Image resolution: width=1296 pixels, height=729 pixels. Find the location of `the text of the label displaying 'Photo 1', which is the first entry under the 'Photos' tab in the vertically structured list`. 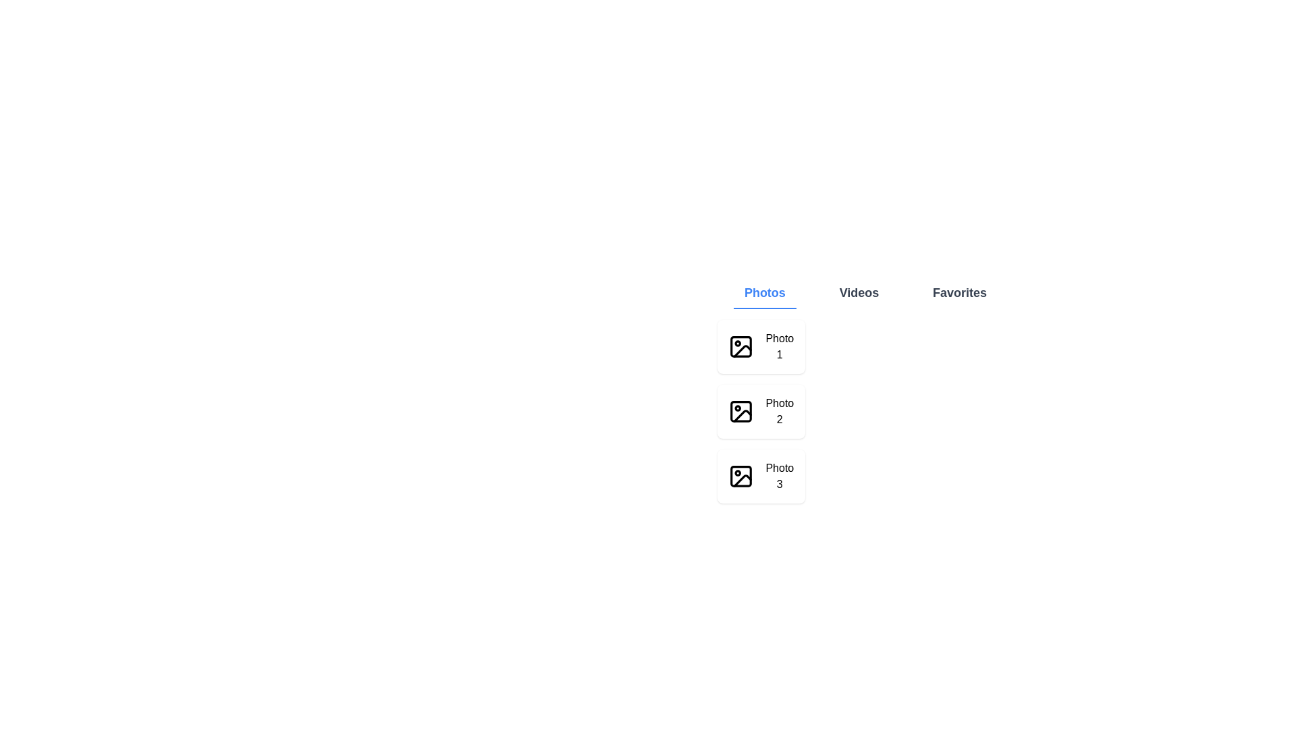

the text of the label displaying 'Photo 1', which is the first entry under the 'Photos' tab in the vertically structured list is located at coordinates (780, 346).